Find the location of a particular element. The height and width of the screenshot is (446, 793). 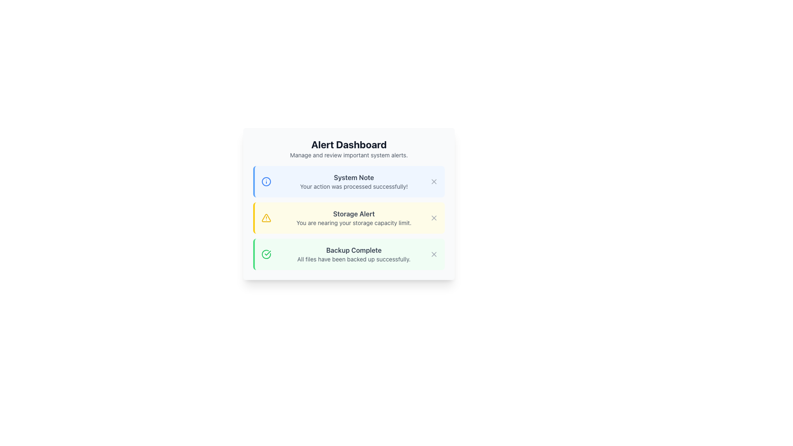

the 'Backup Complete' text label, which is styled with a bold font and medium-gray color, located in the bottom section of a notification card with a light green background is located at coordinates (354, 249).